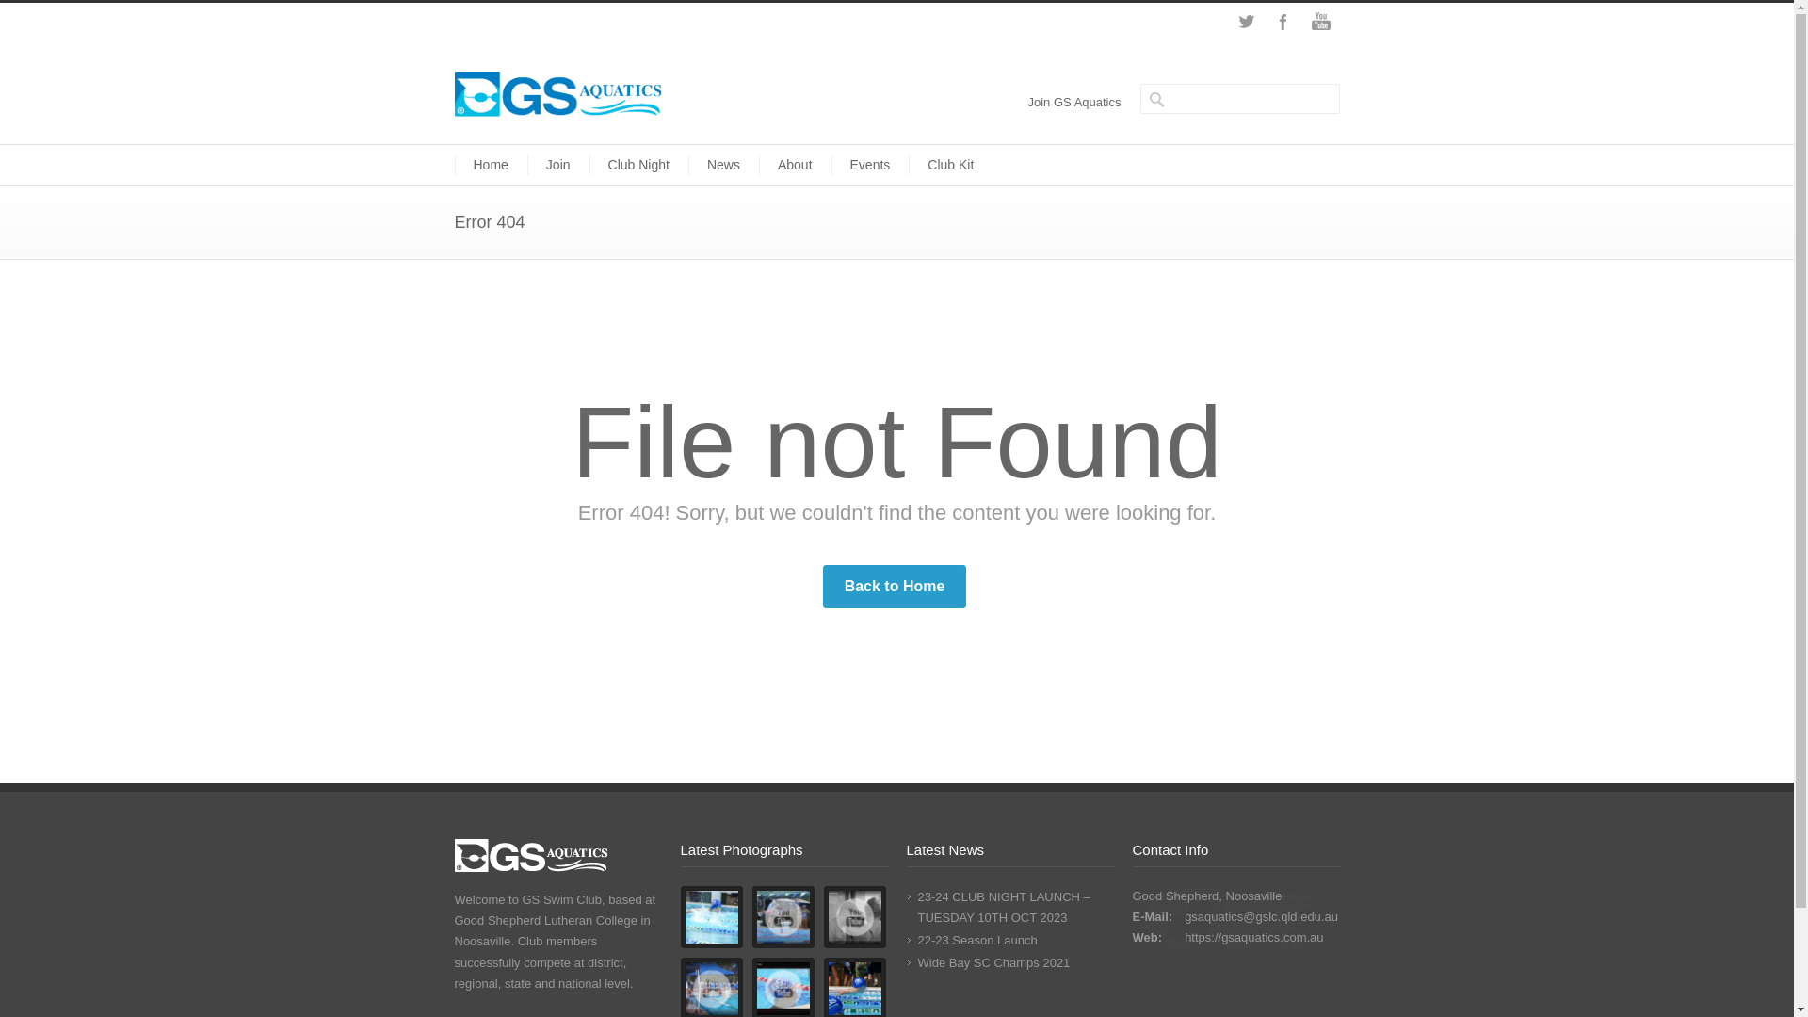 This screenshot has height=1017, width=1808. I want to click on 'Join', so click(557, 163).